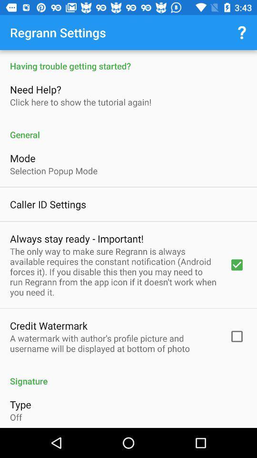 This screenshot has height=458, width=257. What do you see at coordinates (49, 325) in the screenshot?
I see `the icon above the a watermark with item` at bounding box center [49, 325].